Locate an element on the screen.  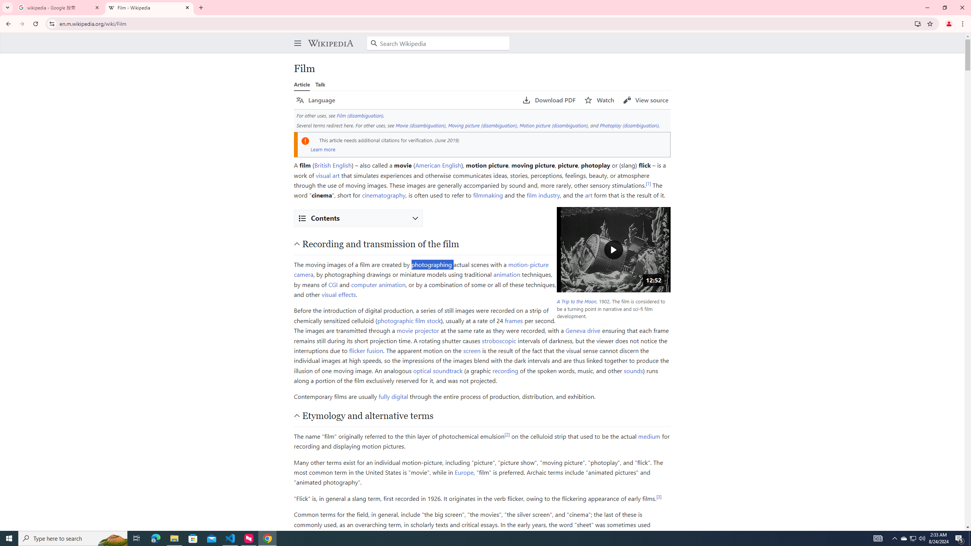
'Motion picture (disambiguation)' is located at coordinates (553, 125).